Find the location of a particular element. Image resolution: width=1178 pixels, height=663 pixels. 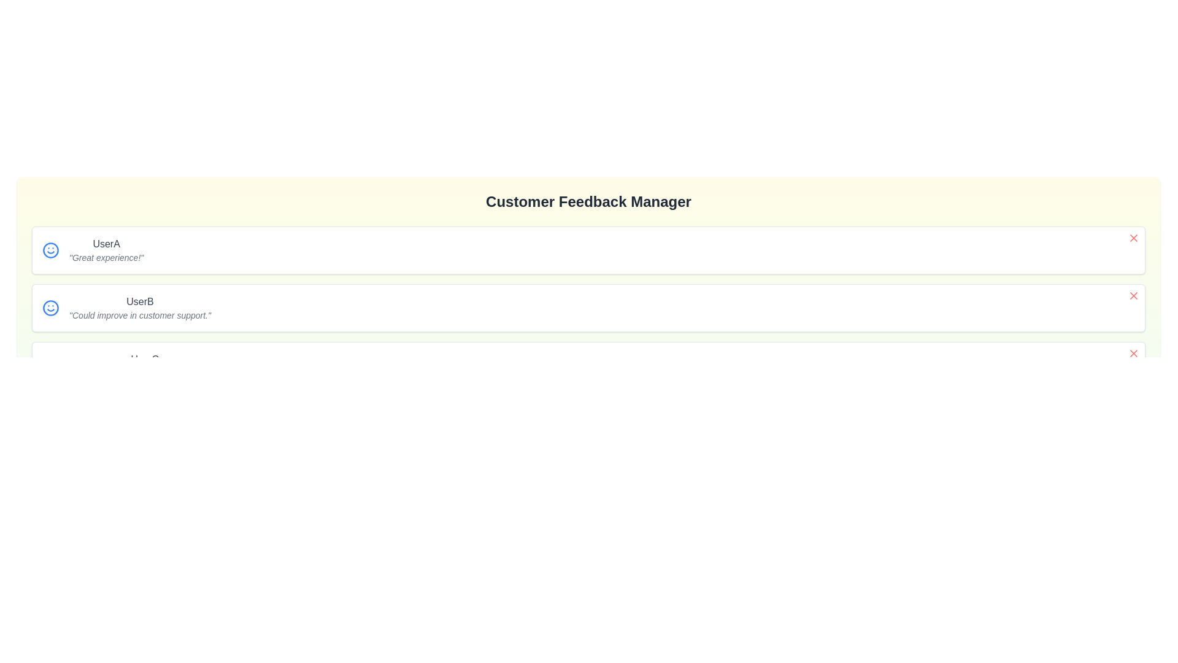

the feedback entry for user UserB is located at coordinates (1133, 296).